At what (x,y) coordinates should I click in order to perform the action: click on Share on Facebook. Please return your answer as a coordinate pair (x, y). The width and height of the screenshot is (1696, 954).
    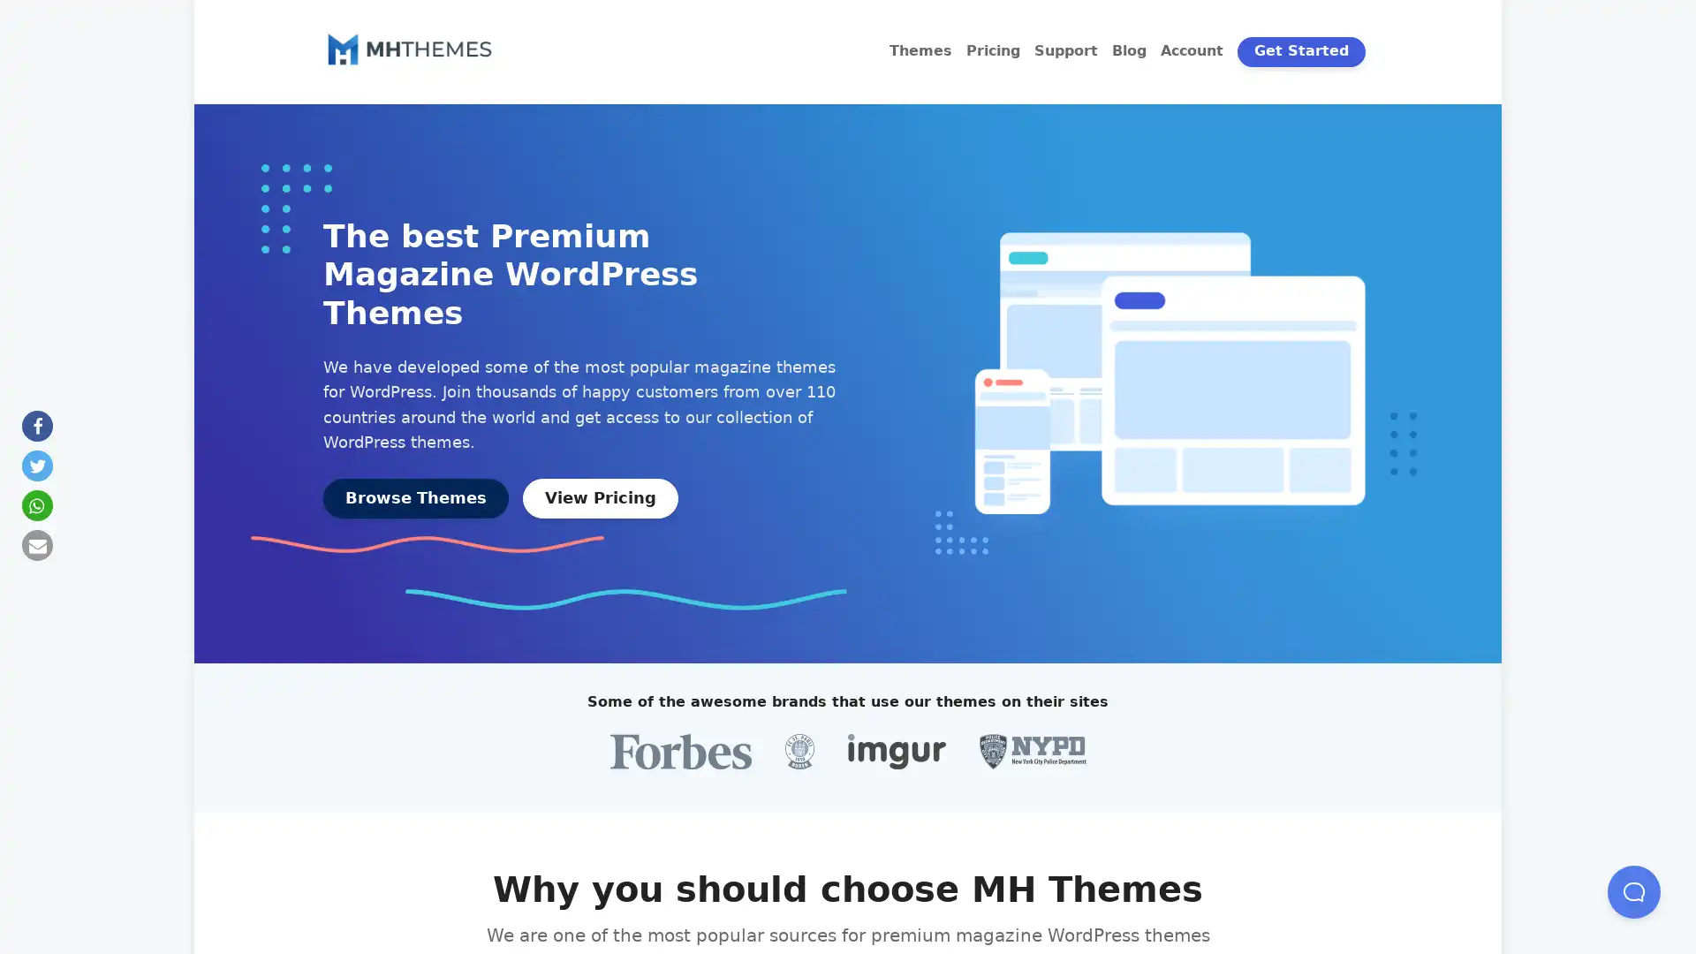
    Looking at the image, I should click on (37, 426).